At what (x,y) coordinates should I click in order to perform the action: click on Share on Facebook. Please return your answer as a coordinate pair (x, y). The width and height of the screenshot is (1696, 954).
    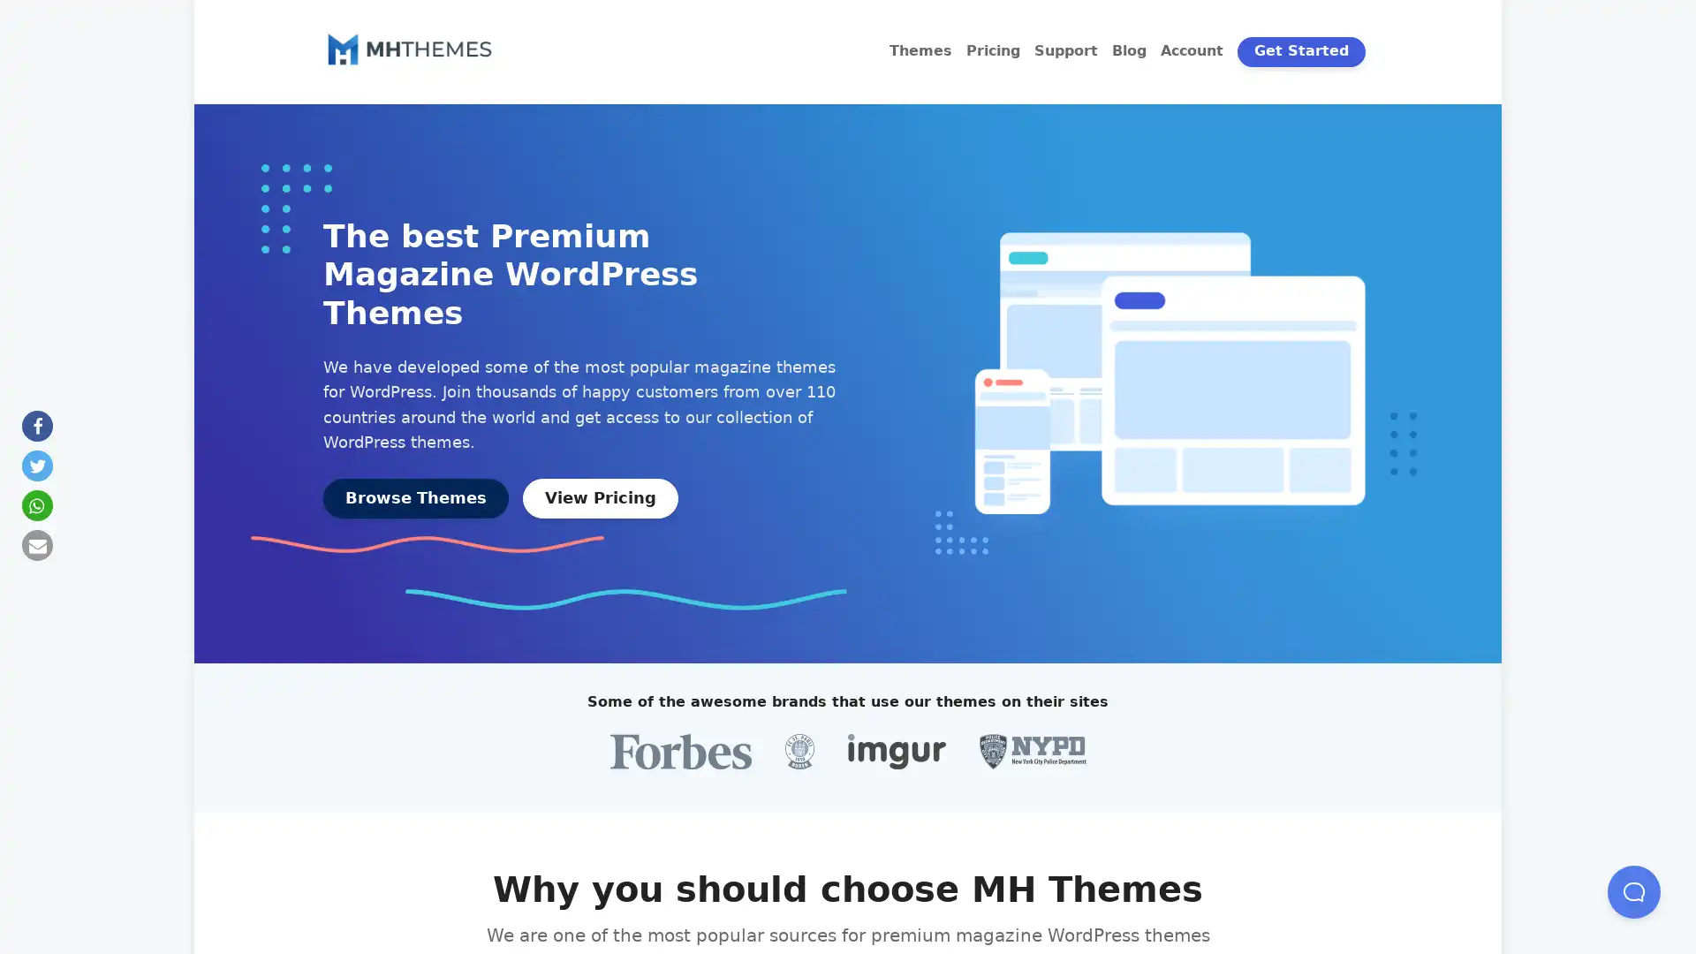
    Looking at the image, I should click on (37, 426).